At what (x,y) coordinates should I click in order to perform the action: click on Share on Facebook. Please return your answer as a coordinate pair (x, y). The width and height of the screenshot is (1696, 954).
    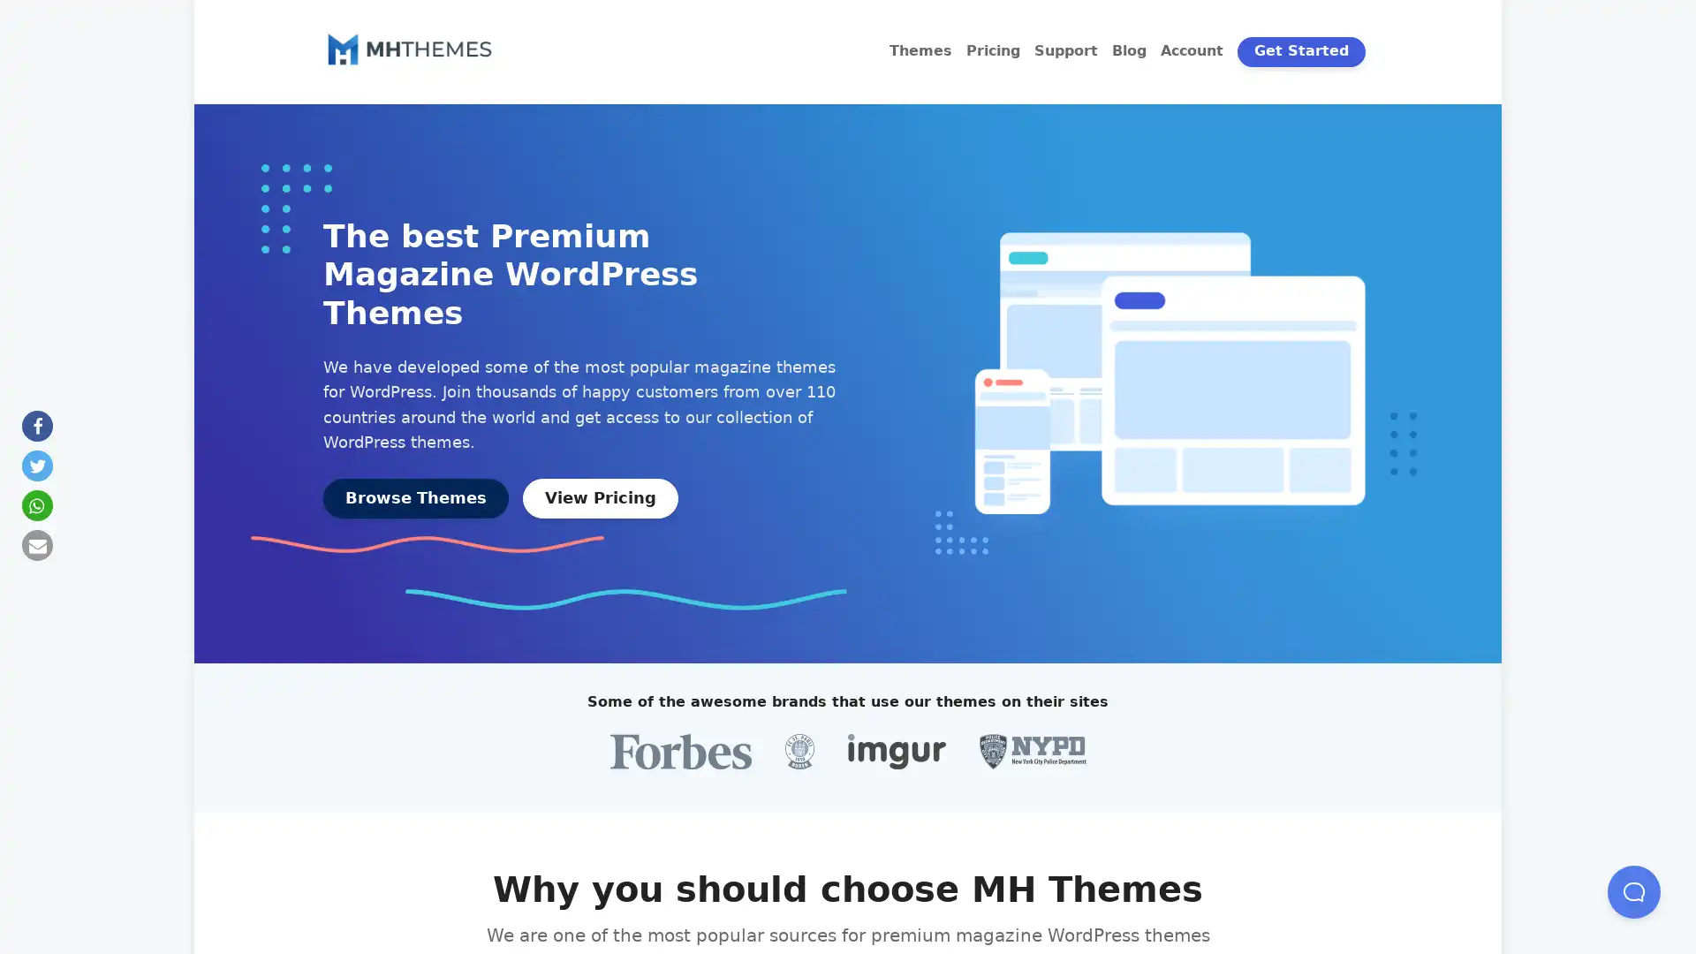
    Looking at the image, I should click on (37, 426).